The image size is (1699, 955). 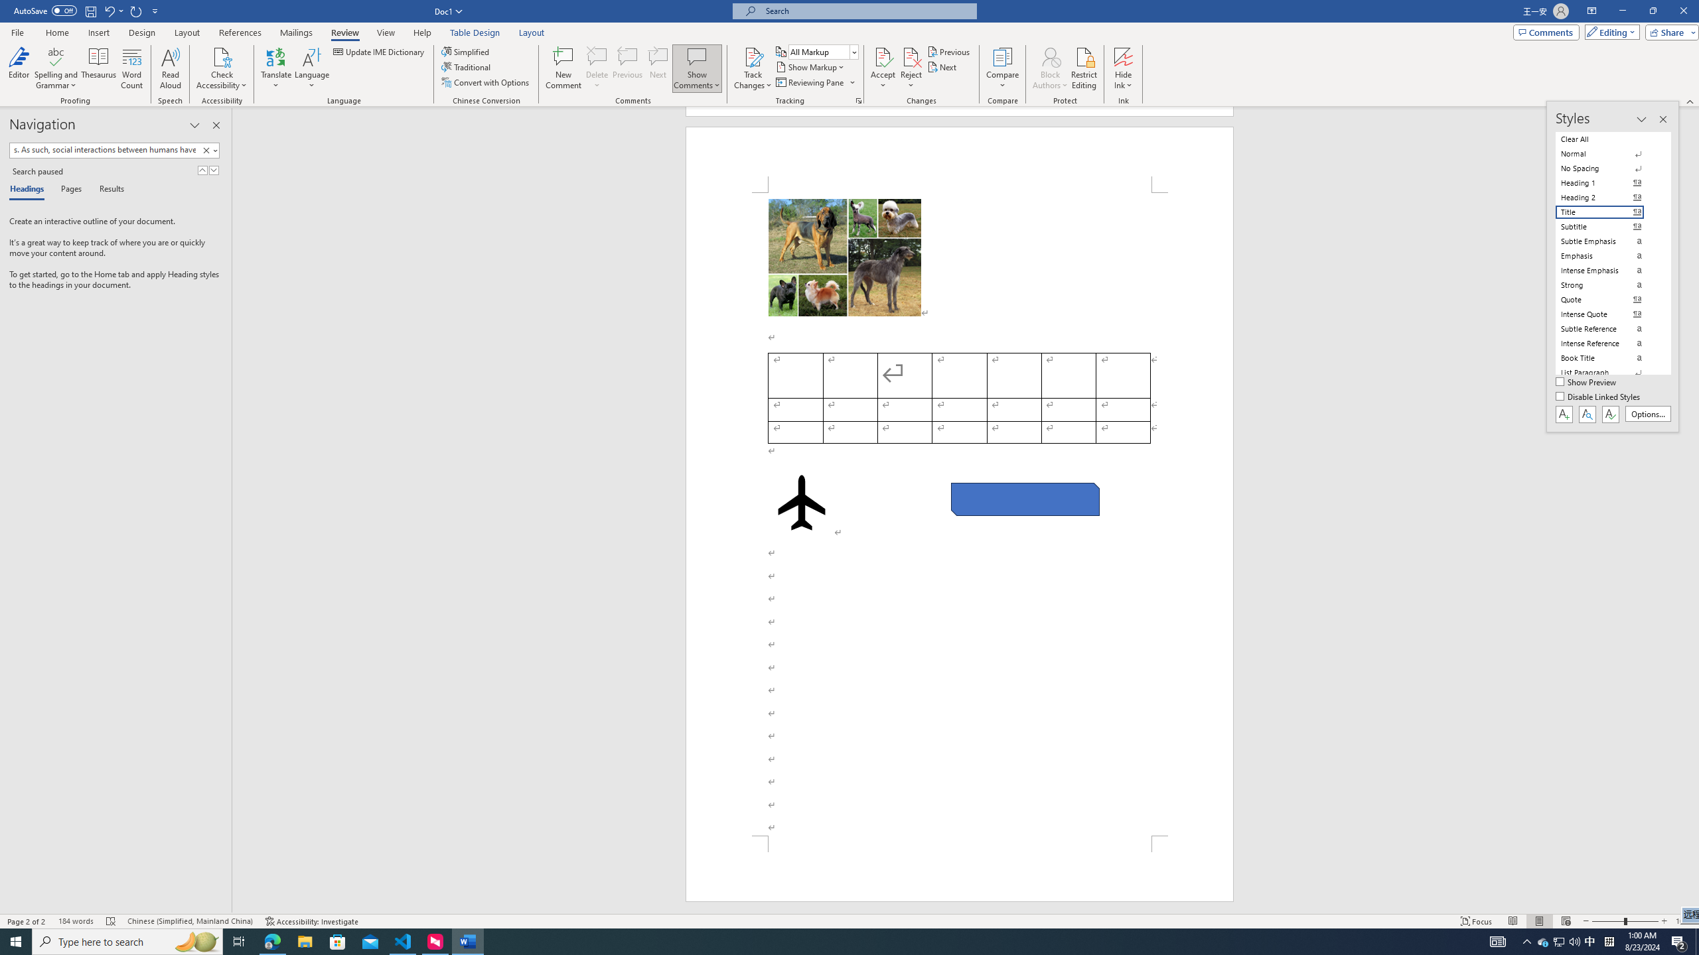 I want to click on 'Change Tracking Options...', so click(x=858, y=99).